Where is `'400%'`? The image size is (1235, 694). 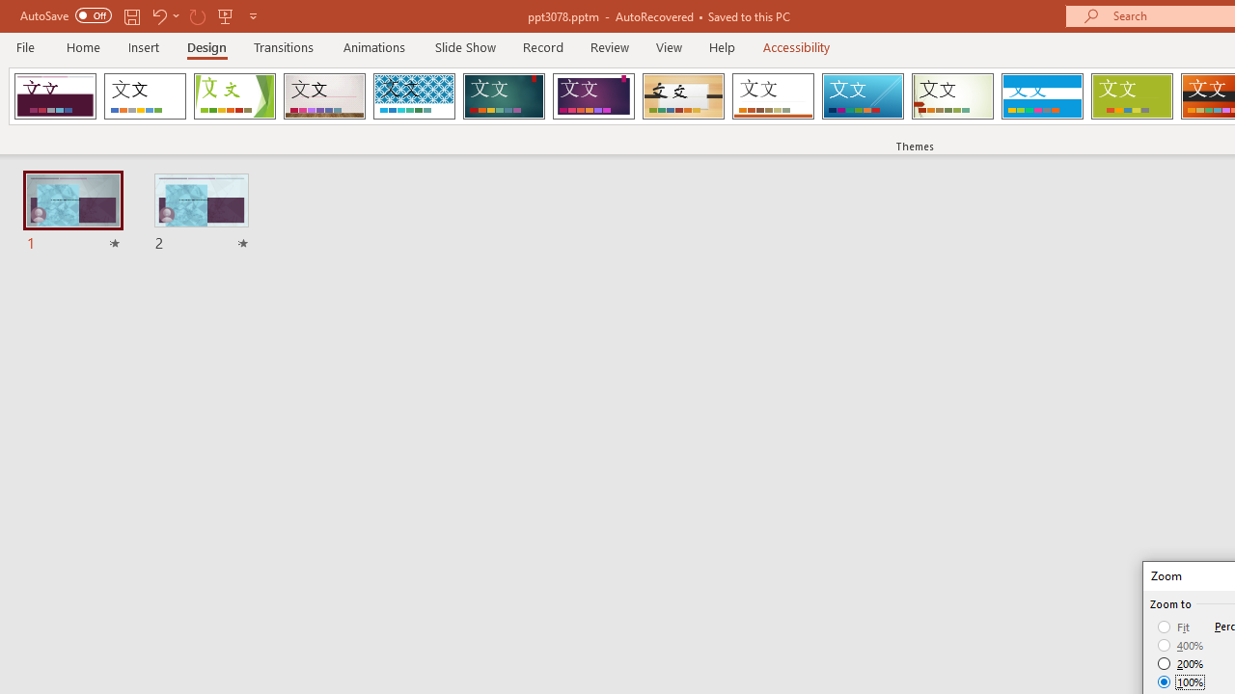
'400%' is located at coordinates (1180, 645).